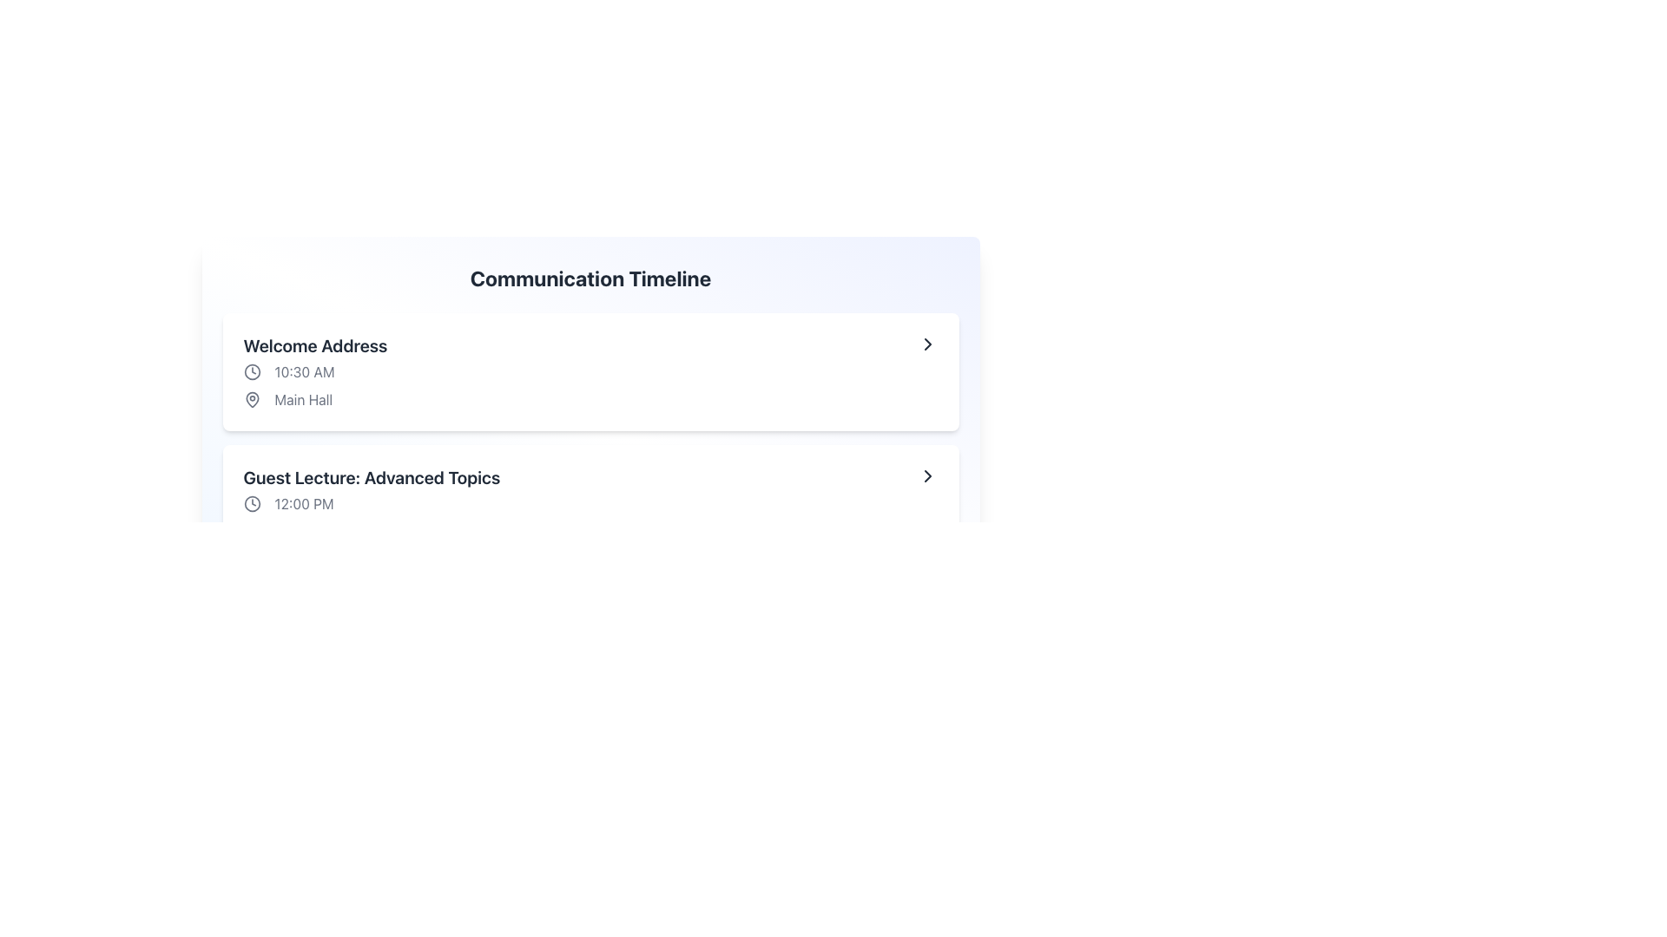 This screenshot has height=937, width=1667. Describe the element at coordinates (590, 504) in the screenshot. I see `the second timeline entry displaying 'Guest Lecture: Advanced Topics'` at that location.